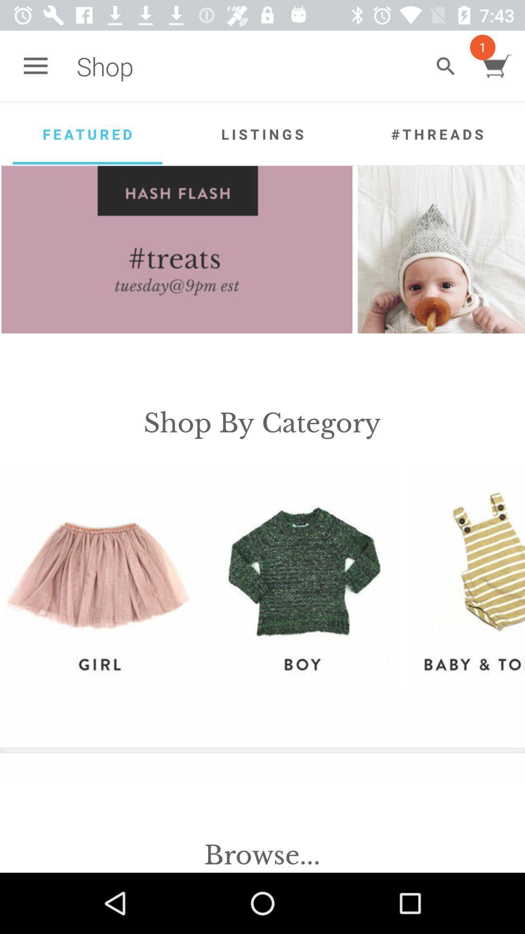 The height and width of the screenshot is (934, 525). What do you see at coordinates (262, 855) in the screenshot?
I see `browse... item` at bounding box center [262, 855].